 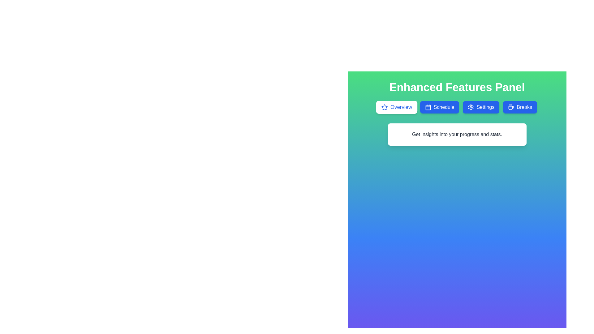 I want to click on the settings button located between the 'Schedule' button on the left and the 'Breaks' button on the right, which is the third button in a horizontal group at the top center of the interface, so click(x=481, y=107).